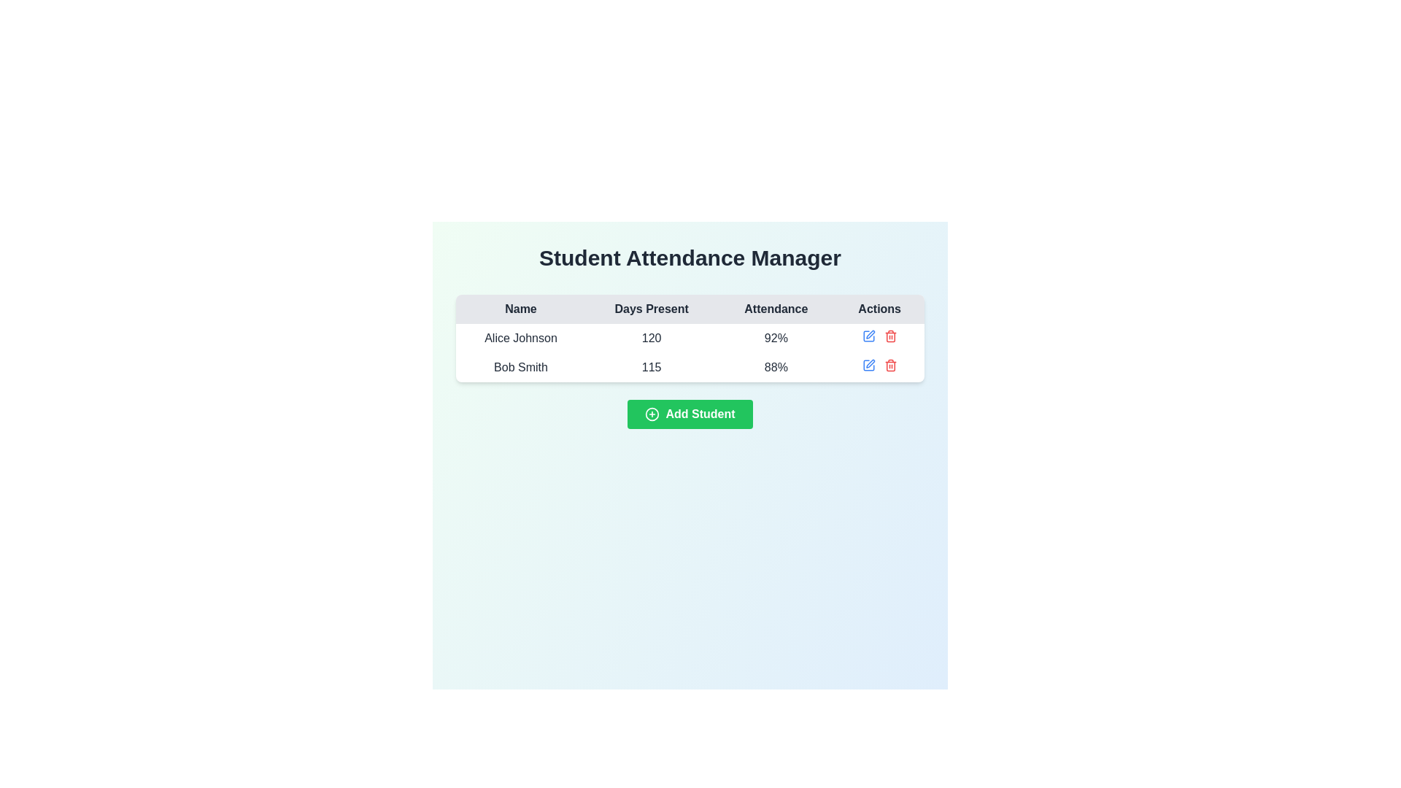 Image resolution: width=1401 pixels, height=788 pixels. I want to click on the third header in the attendance data table, which is positioned between 'Days Present' and 'Actions', so click(775, 309).